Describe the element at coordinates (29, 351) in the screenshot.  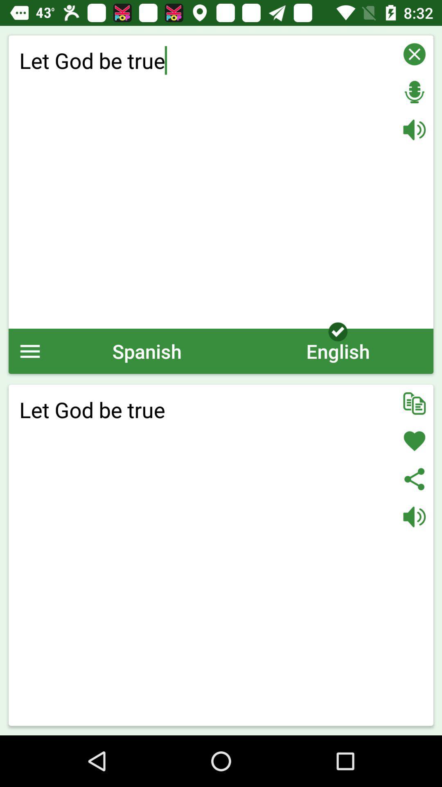
I see `menu options` at that location.